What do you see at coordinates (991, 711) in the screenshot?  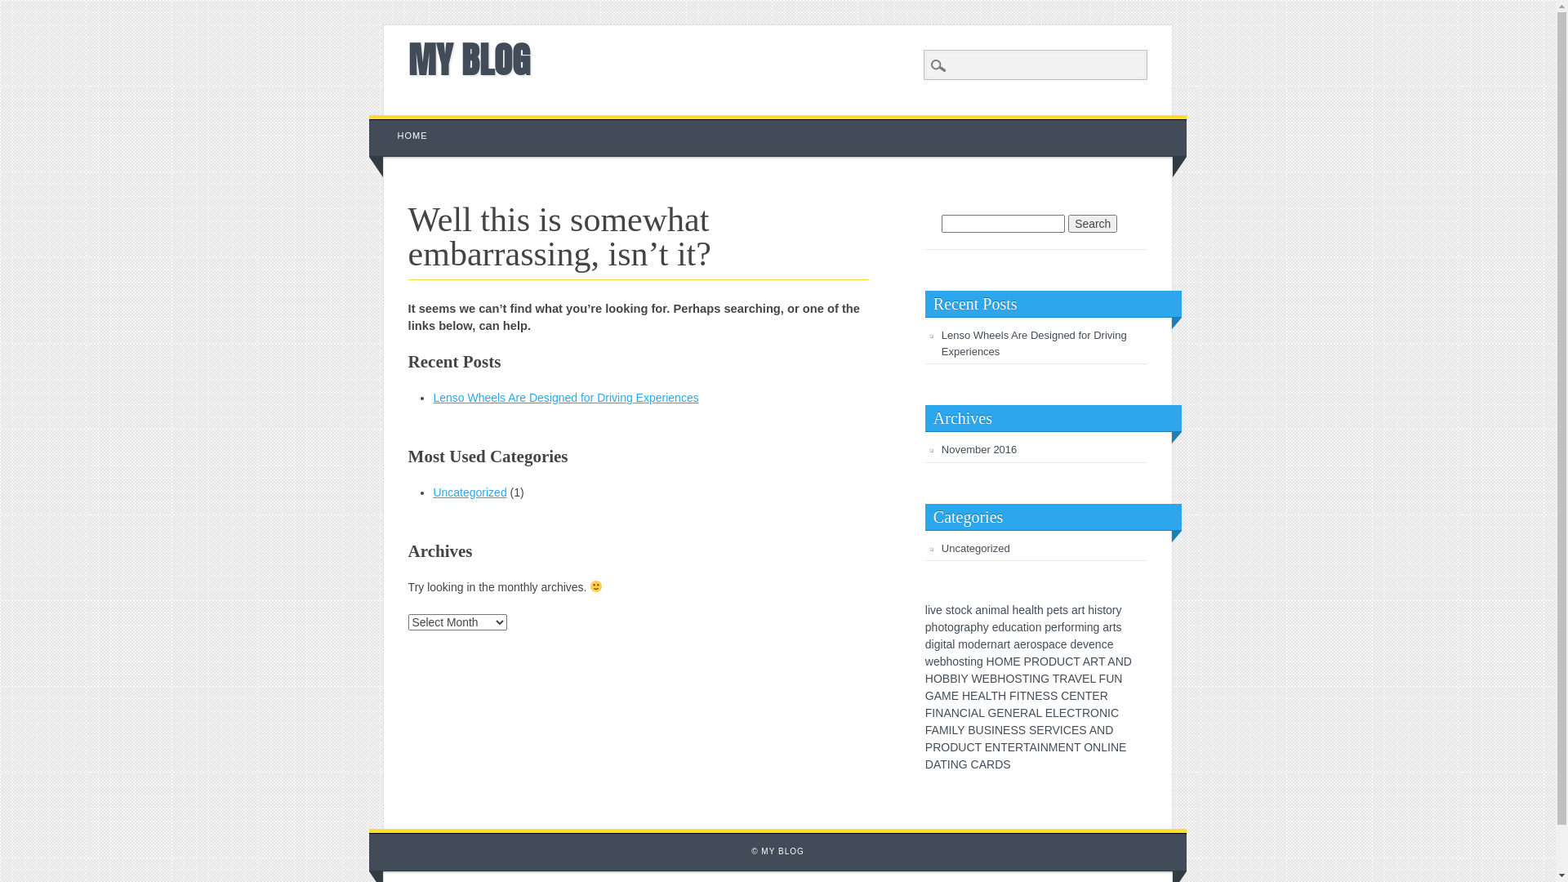 I see `'G'` at bounding box center [991, 711].